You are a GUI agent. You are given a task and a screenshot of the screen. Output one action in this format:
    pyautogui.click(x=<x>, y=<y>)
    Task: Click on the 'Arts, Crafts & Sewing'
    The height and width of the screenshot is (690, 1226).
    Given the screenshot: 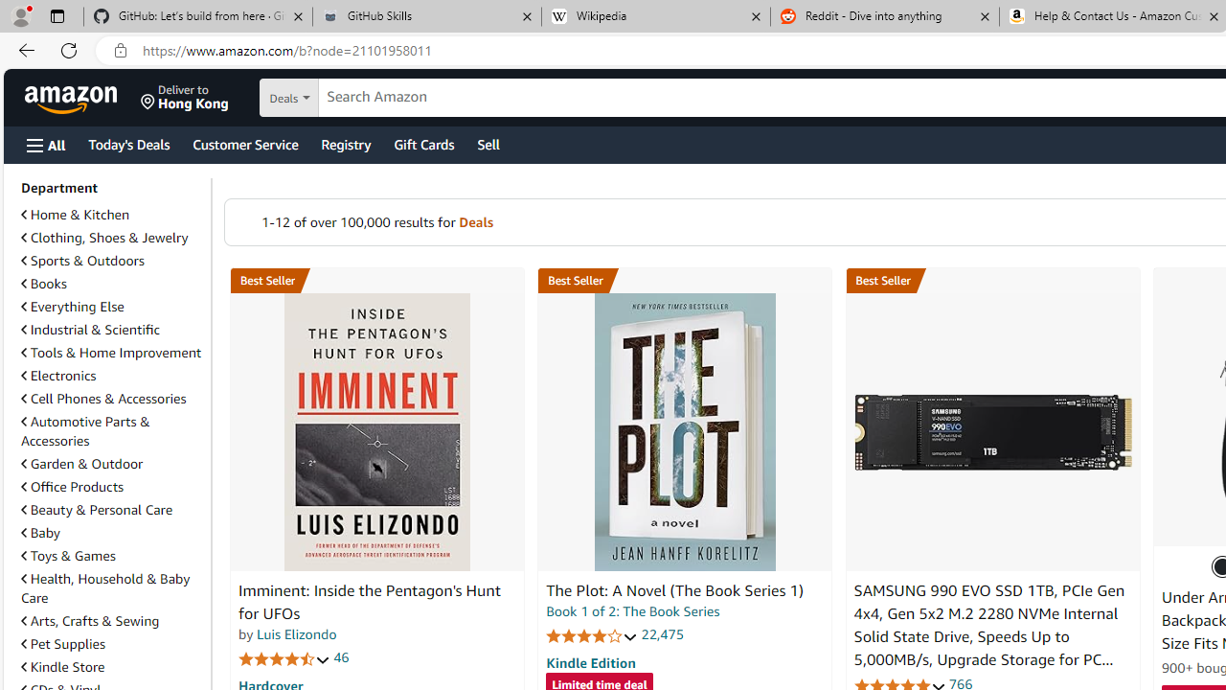 What is the action you would take?
    pyautogui.click(x=111, y=621)
    